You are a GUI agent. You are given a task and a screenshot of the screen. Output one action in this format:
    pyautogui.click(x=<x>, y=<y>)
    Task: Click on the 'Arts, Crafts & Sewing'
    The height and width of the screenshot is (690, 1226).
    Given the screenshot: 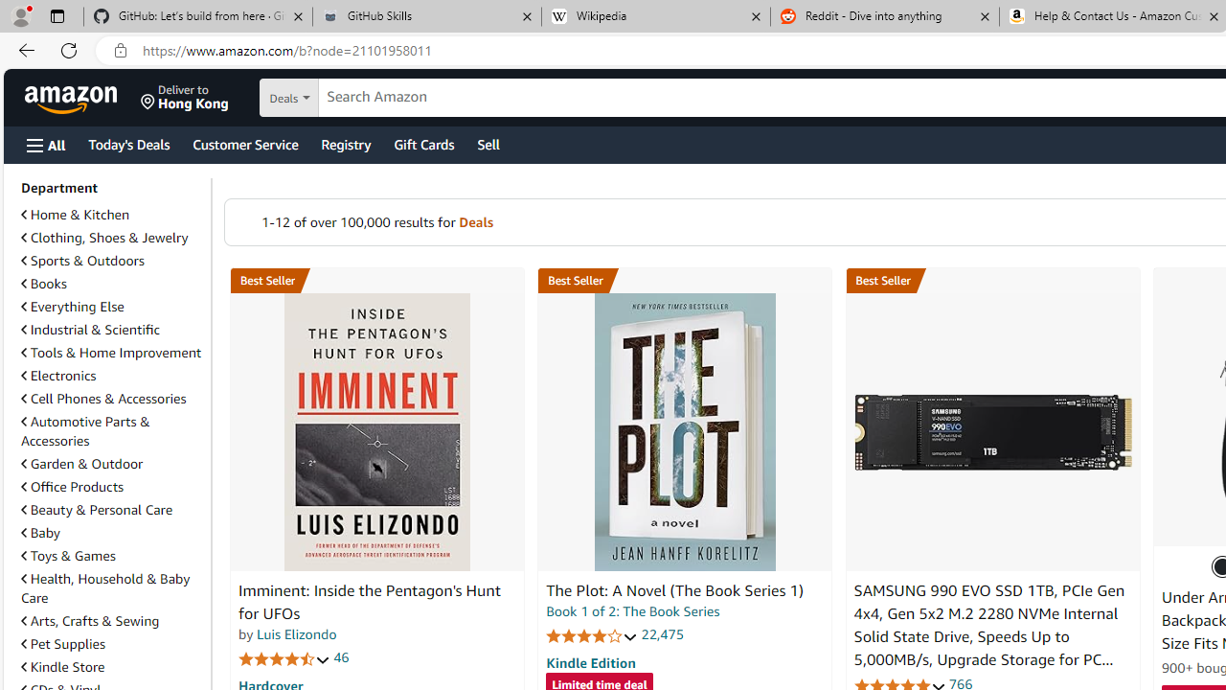 What is the action you would take?
    pyautogui.click(x=111, y=621)
    